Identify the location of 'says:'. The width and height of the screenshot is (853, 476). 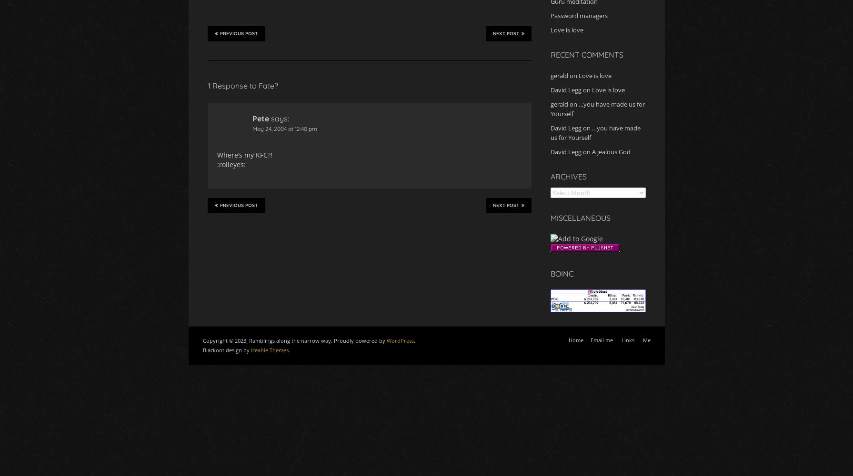
(270, 118).